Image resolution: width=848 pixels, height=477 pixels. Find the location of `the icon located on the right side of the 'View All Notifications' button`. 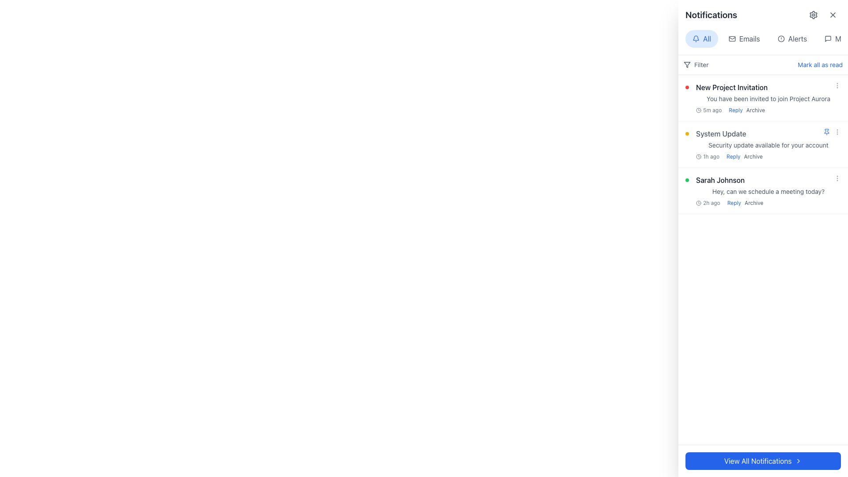

the icon located on the right side of the 'View All Notifications' button is located at coordinates (799, 461).